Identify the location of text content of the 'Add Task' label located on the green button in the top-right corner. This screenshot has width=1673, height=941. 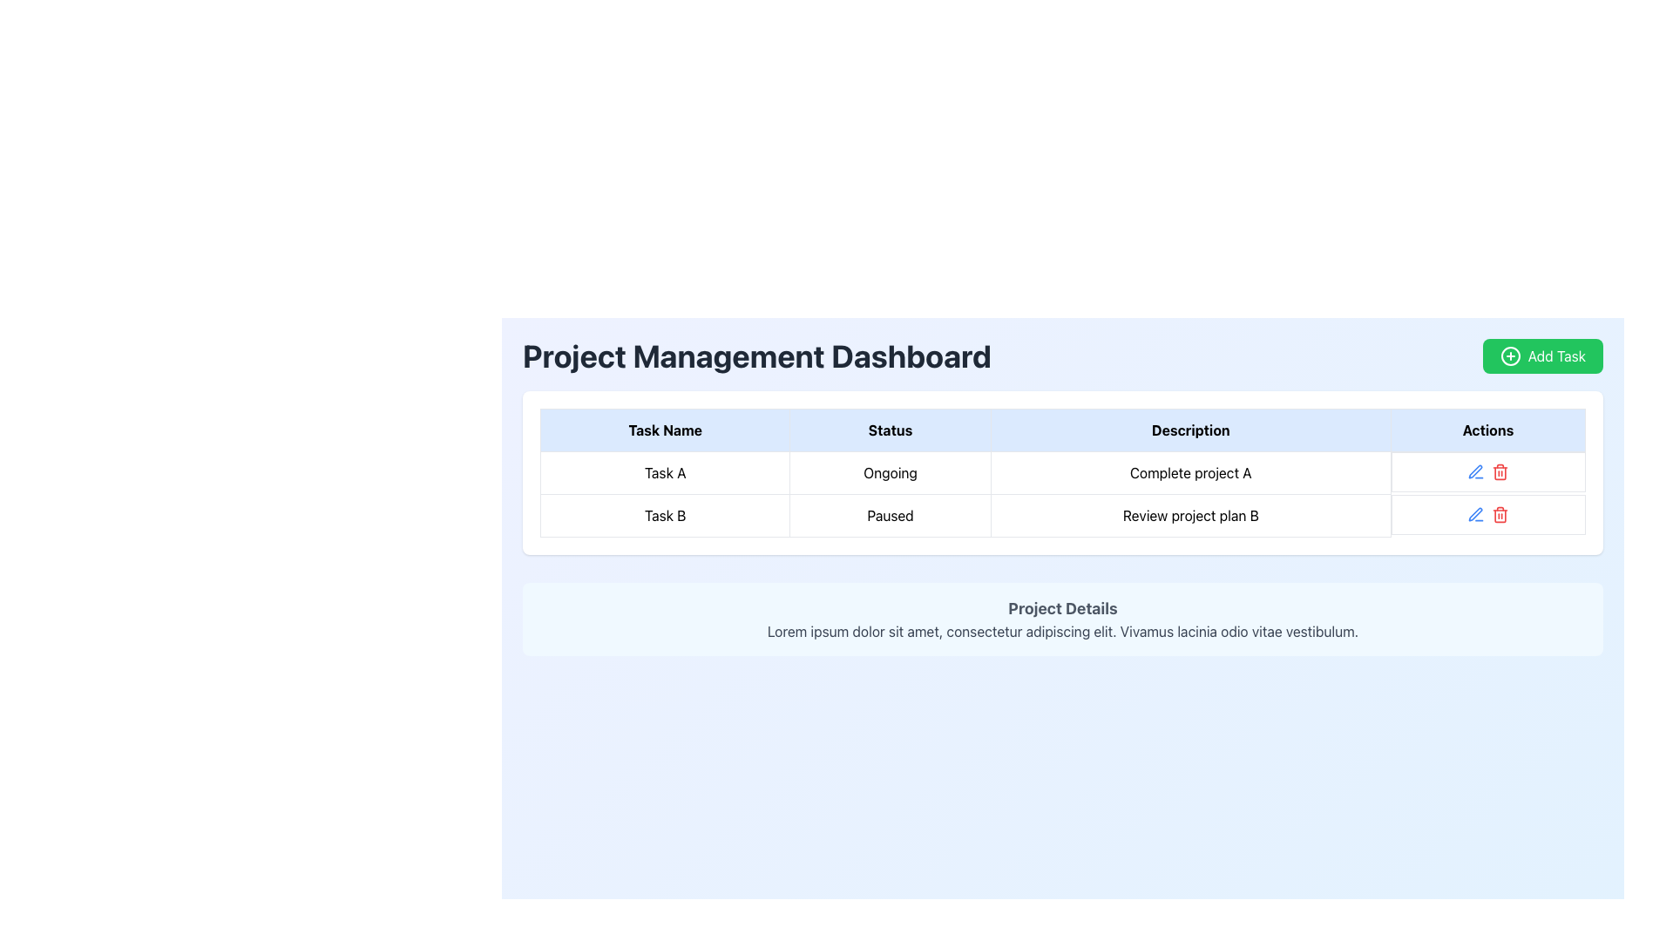
(1556, 355).